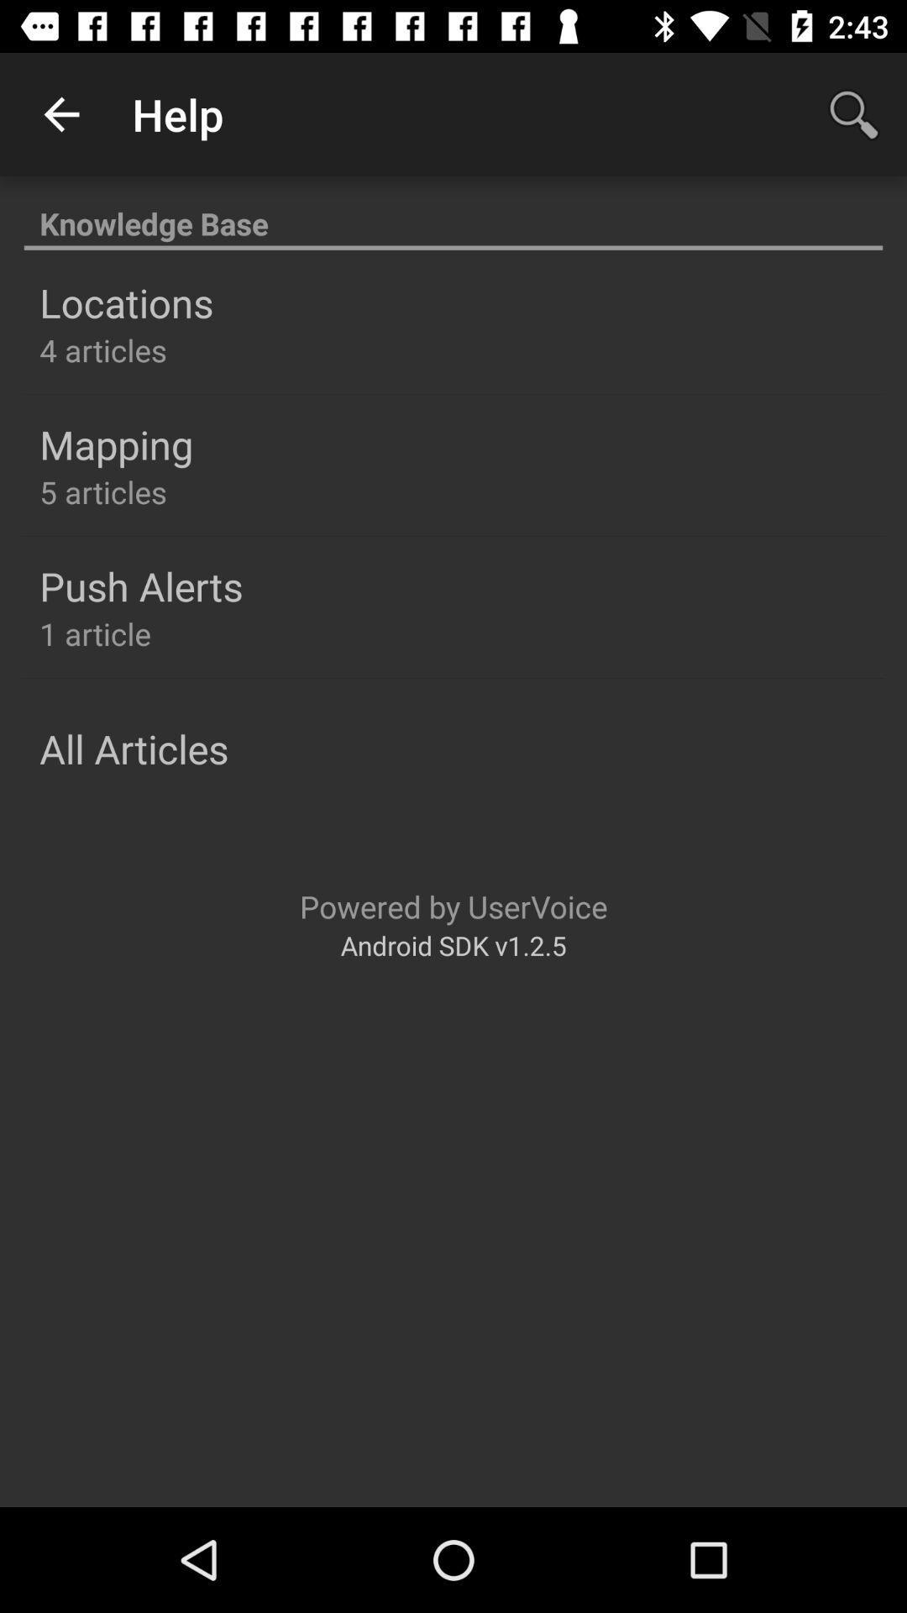 The image size is (907, 1613). What do you see at coordinates (140, 586) in the screenshot?
I see `the push alerts icon` at bounding box center [140, 586].